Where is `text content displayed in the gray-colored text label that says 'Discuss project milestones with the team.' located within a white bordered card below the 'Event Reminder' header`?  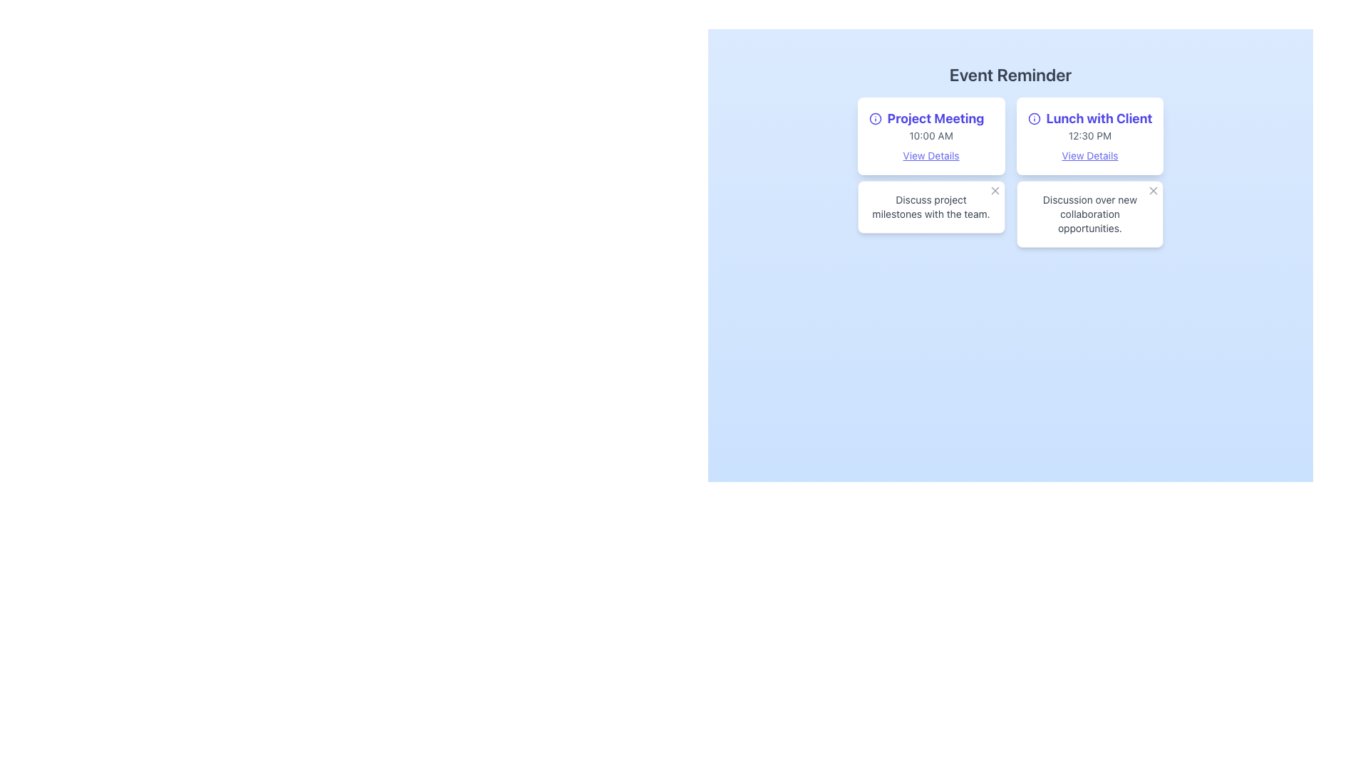 text content displayed in the gray-colored text label that says 'Discuss project milestones with the team.' located within a white bordered card below the 'Event Reminder' header is located at coordinates (931, 206).